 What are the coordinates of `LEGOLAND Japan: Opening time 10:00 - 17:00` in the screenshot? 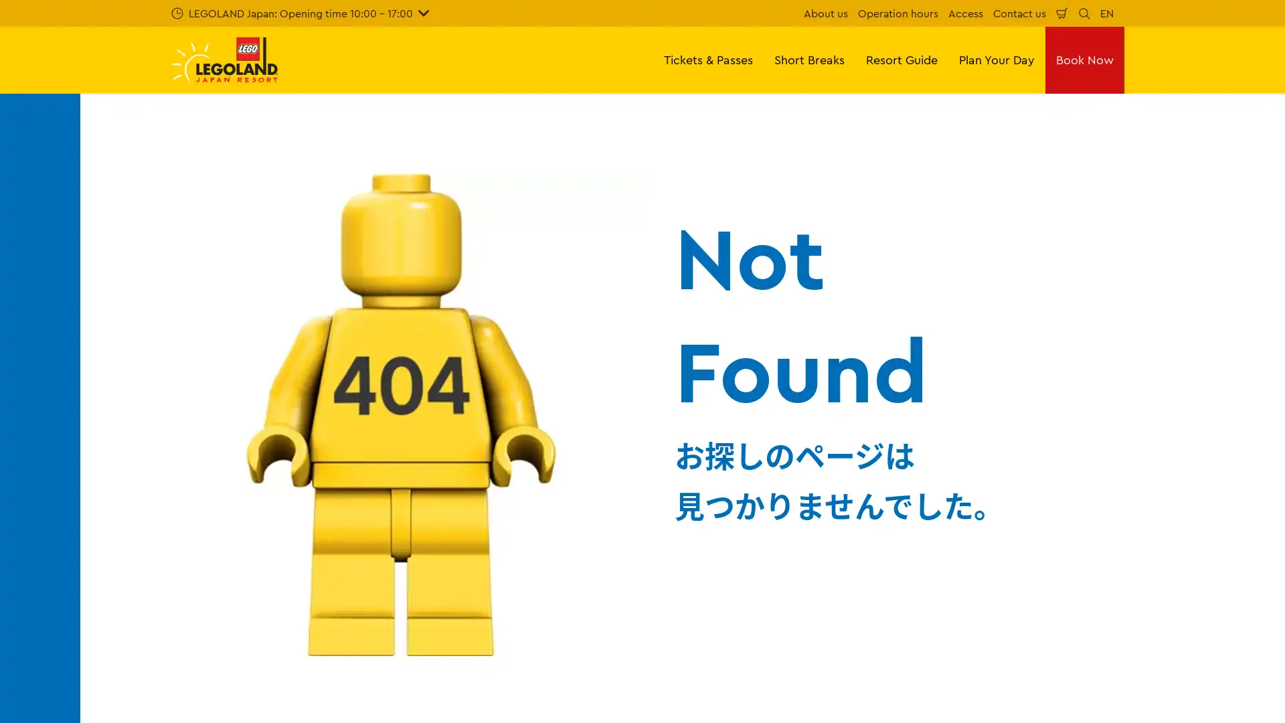 It's located at (299, 13).